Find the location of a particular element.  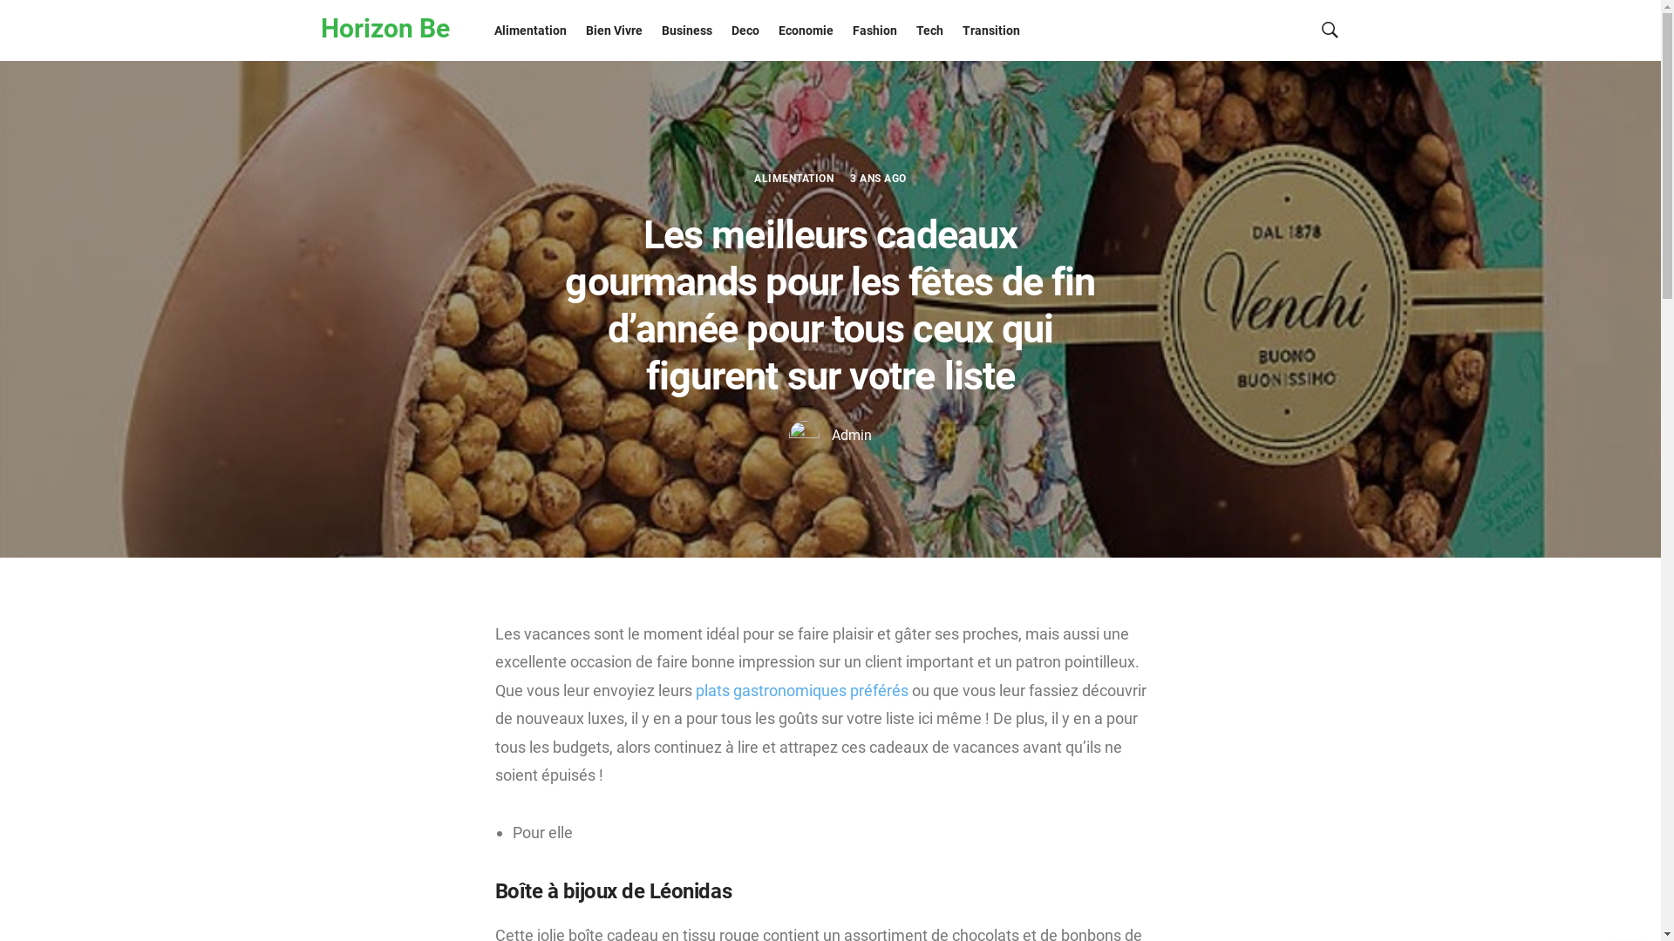

'Deco' is located at coordinates (722, 30).